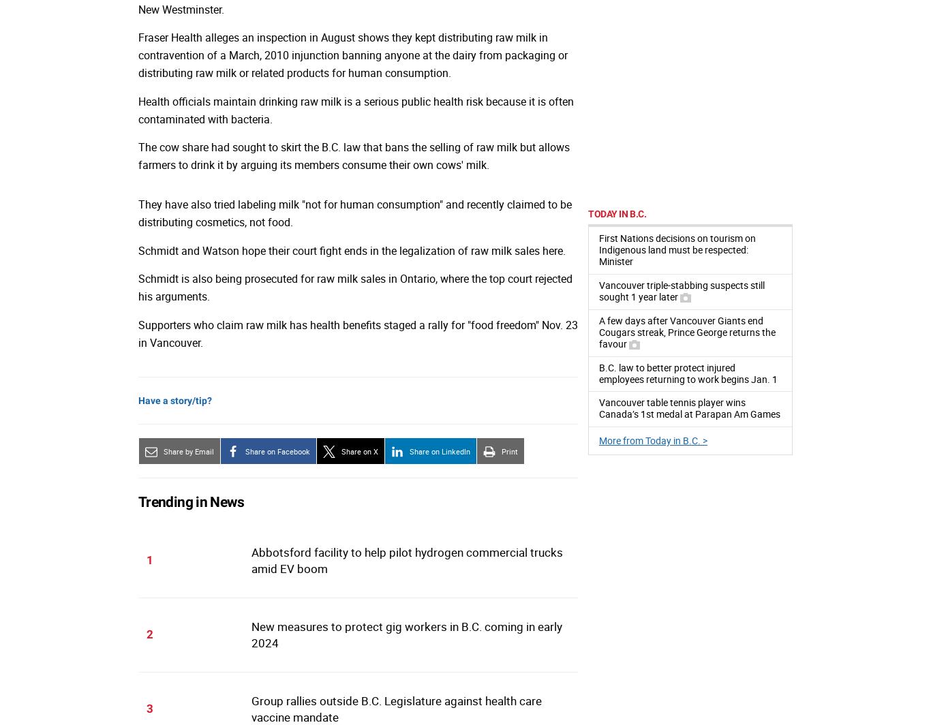 This screenshot has height=725, width=931. I want to click on 'Supporters who claim raw milk has health benefits staged a rally for "food freedom" Nov. 23 in Vancouver.', so click(358, 333).